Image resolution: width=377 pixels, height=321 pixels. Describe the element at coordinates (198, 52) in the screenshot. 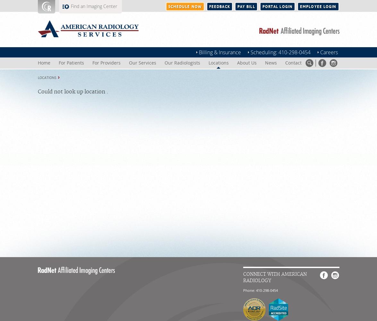

I see `'Billing & Insurance'` at that location.